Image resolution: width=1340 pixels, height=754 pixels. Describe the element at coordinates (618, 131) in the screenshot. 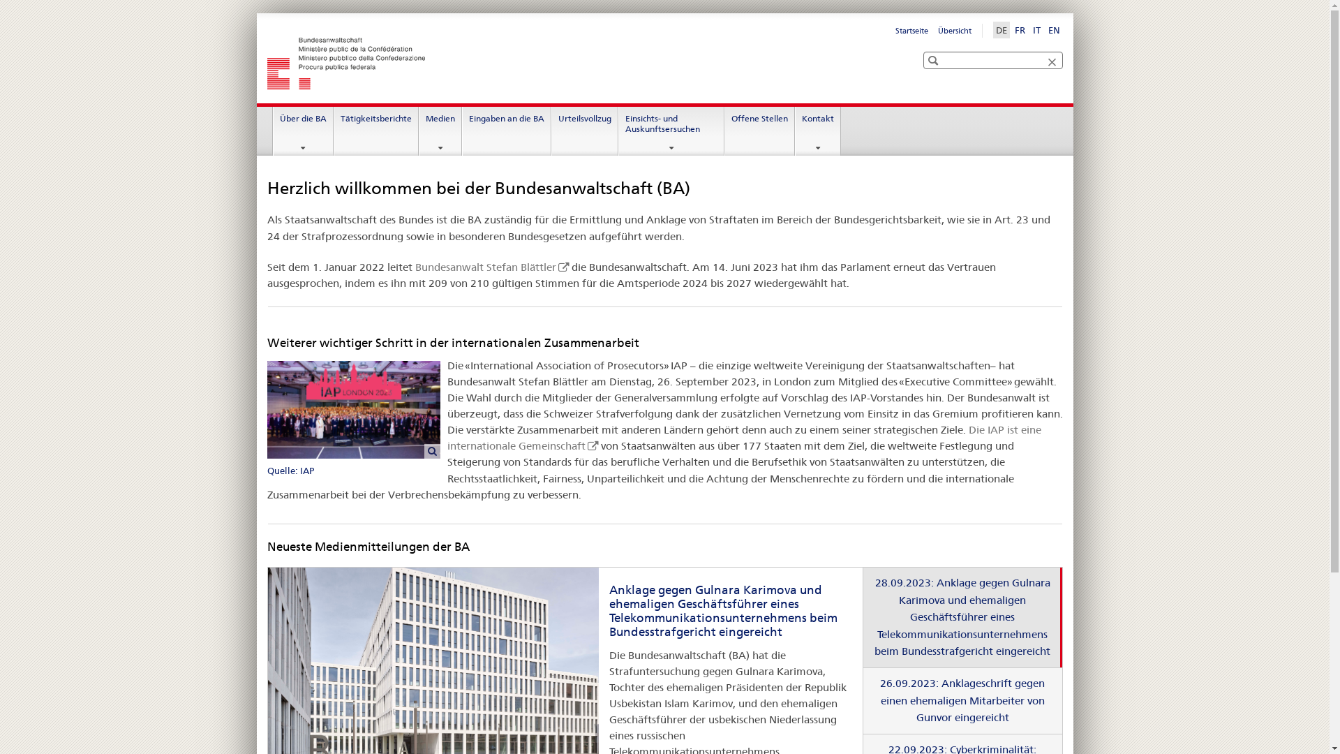

I see `'Einsichts- und Auskunftsersuchen'` at that location.